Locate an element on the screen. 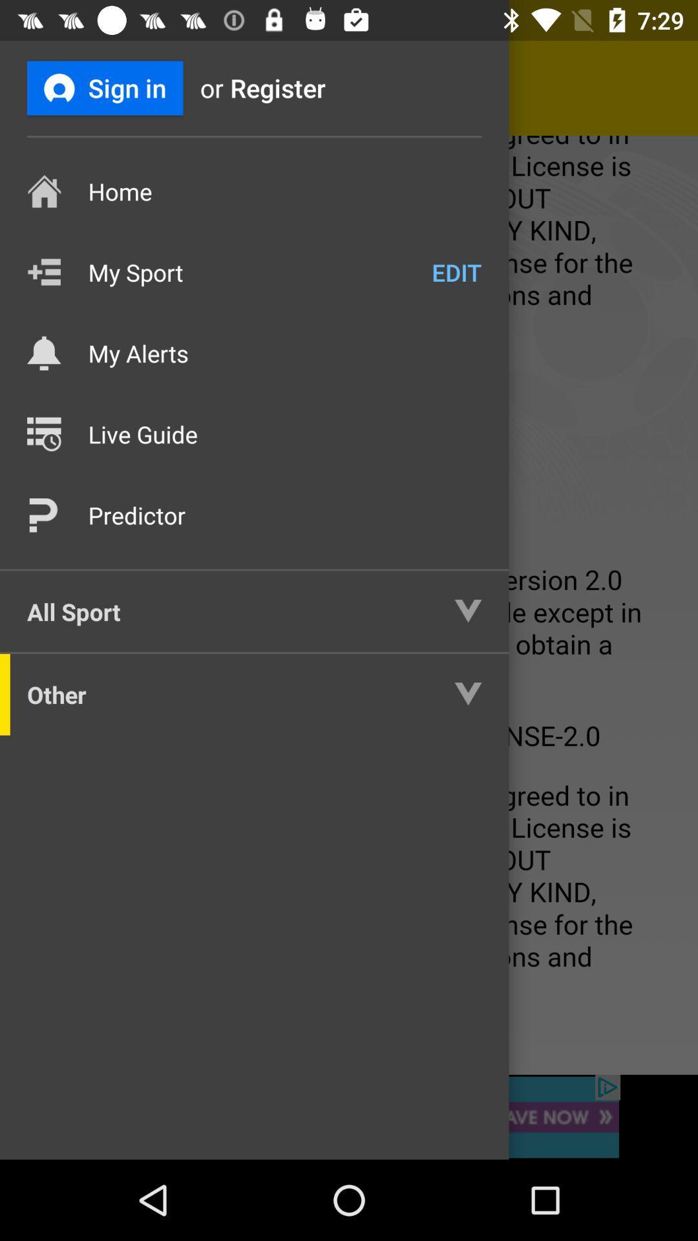 The height and width of the screenshot is (1241, 698). the sign in item is located at coordinates (104, 87).